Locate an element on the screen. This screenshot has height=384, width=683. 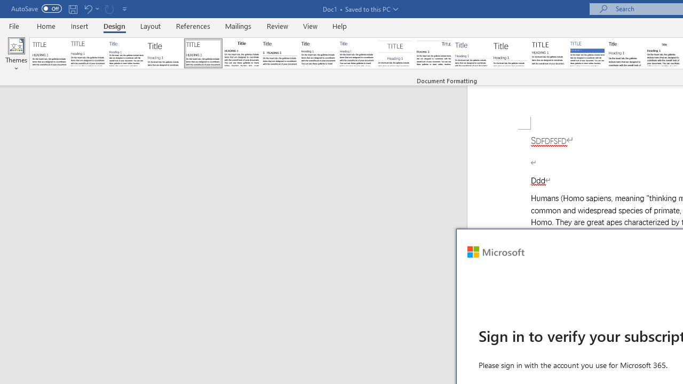
'Black & White (Capitalized)' is located at coordinates (203, 53).